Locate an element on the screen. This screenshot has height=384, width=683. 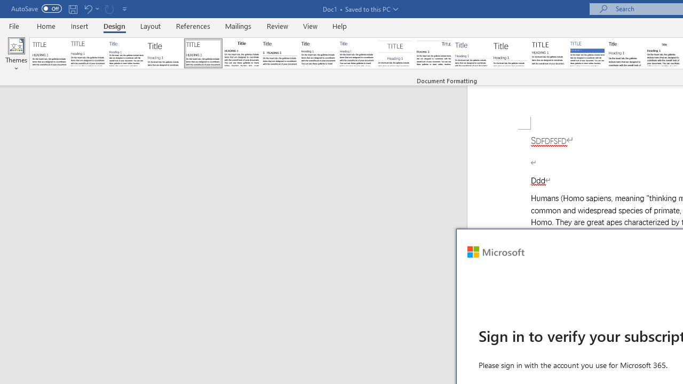
'Black & White (Capitalized)' is located at coordinates (203, 53).